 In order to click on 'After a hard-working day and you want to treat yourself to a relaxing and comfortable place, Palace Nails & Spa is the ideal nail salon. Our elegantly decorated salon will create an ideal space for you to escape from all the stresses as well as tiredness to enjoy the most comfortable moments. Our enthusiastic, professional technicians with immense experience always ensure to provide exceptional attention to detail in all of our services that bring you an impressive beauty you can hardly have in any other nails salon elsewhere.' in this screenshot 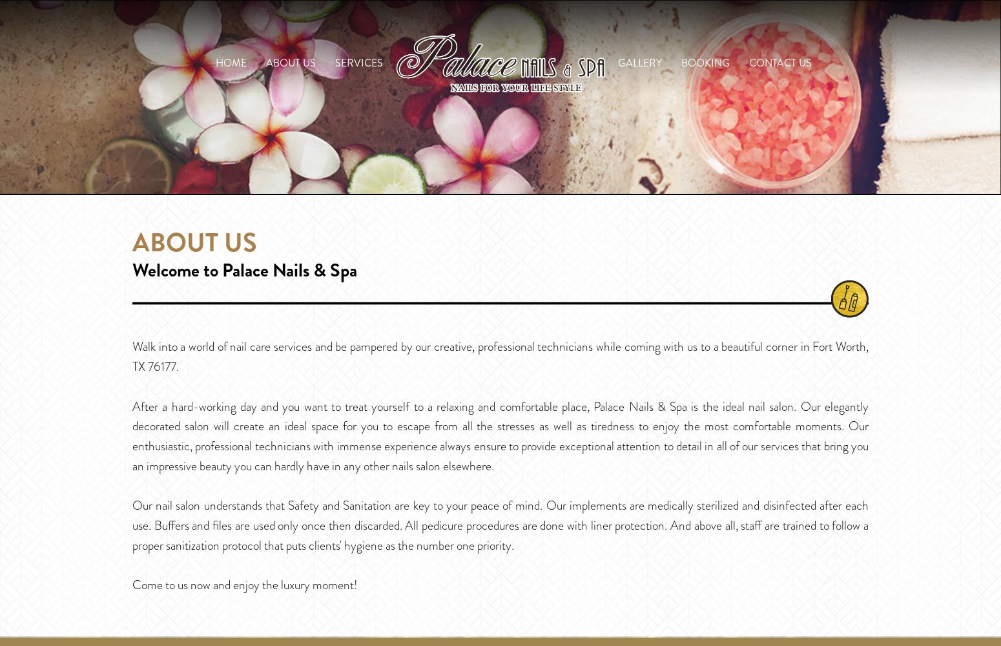, I will do `click(500, 435)`.